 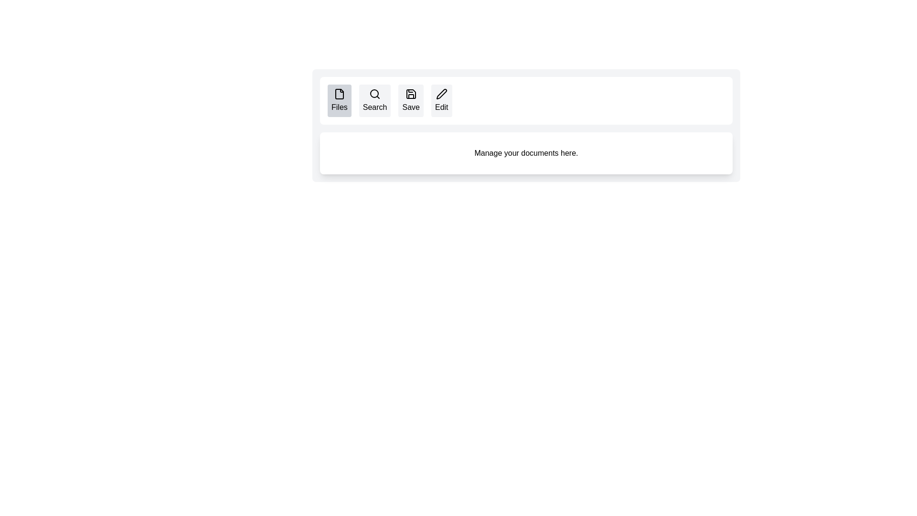 I want to click on the button labeled Files to observe its hover effect, so click(x=339, y=101).